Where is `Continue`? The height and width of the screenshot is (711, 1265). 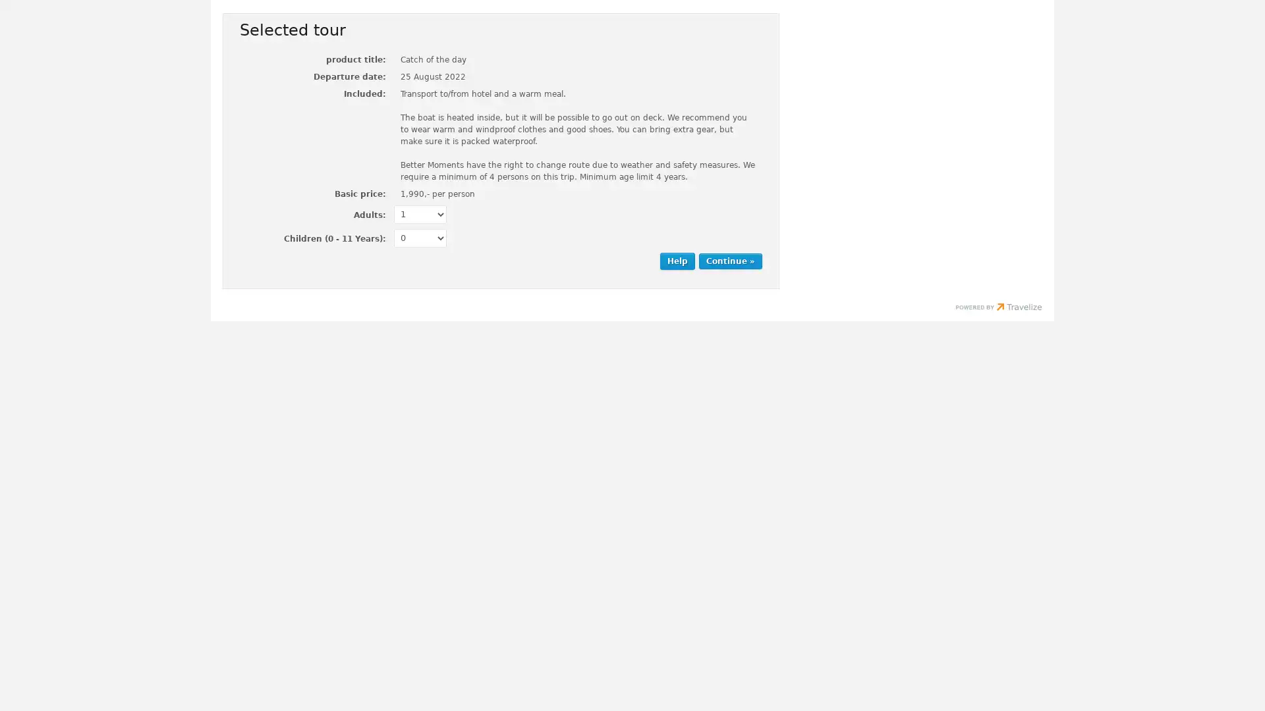
Continue is located at coordinates (729, 261).